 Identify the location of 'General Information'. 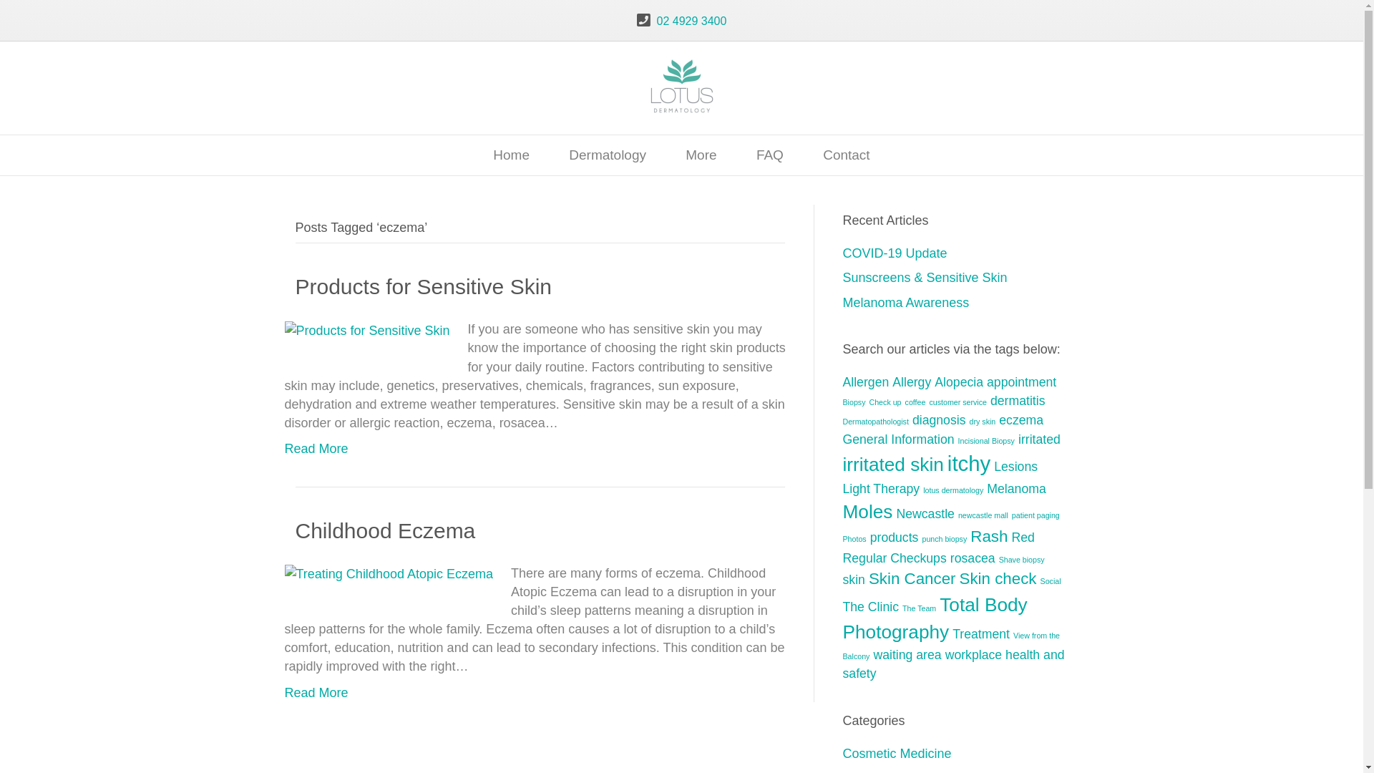
(898, 438).